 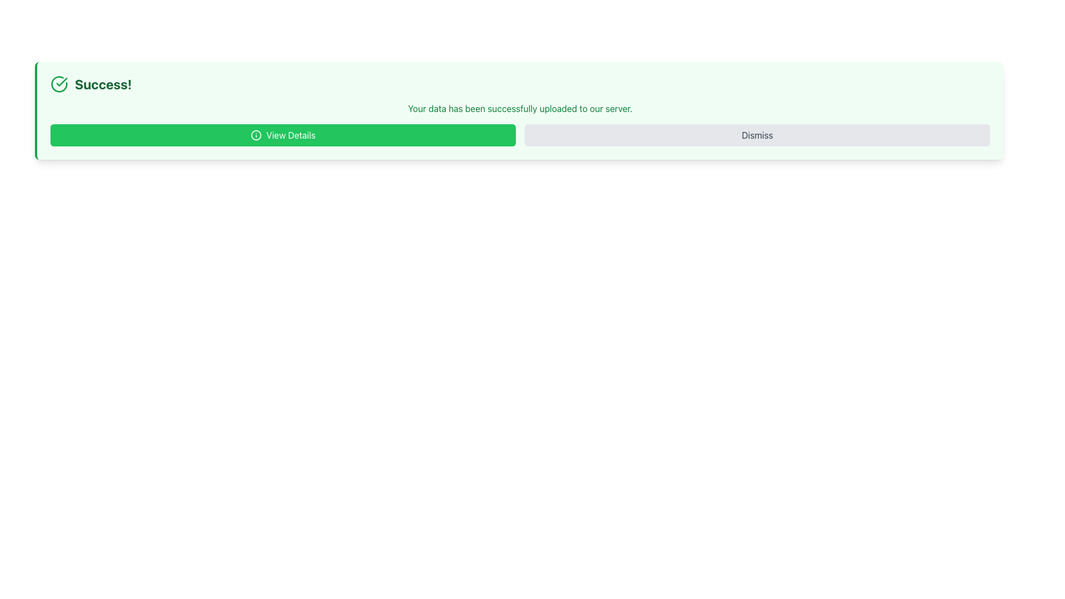 What do you see at coordinates (58, 83) in the screenshot?
I see `the circular edge of the green checkmark icon that is part of the success message banner` at bounding box center [58, 83].